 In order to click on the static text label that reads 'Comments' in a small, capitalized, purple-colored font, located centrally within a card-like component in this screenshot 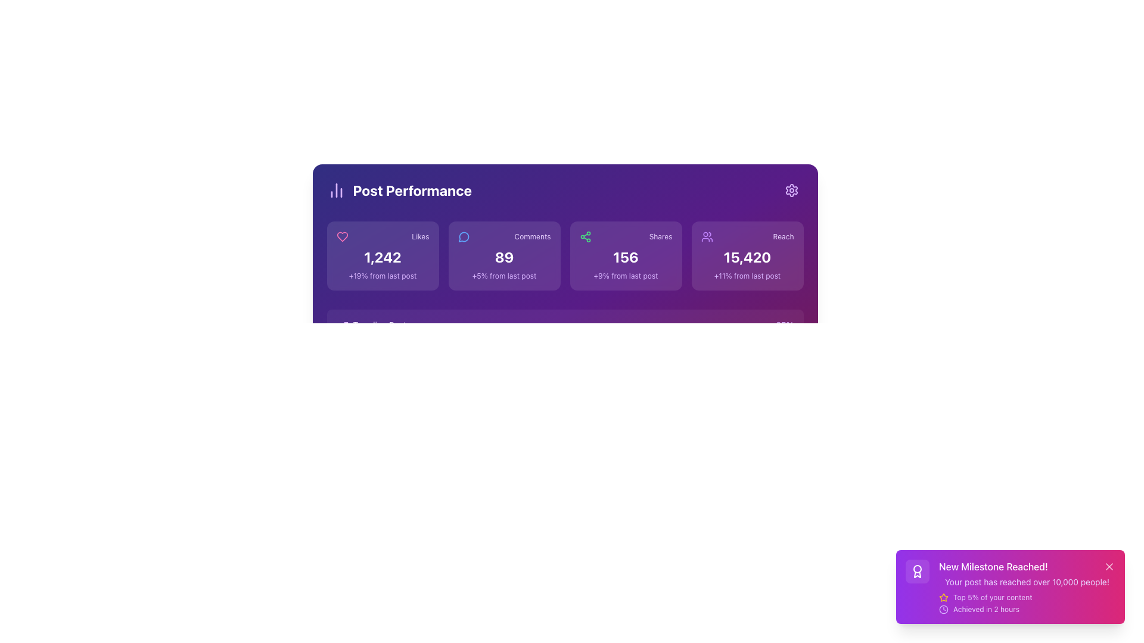, I will do `click(531, 236)`.